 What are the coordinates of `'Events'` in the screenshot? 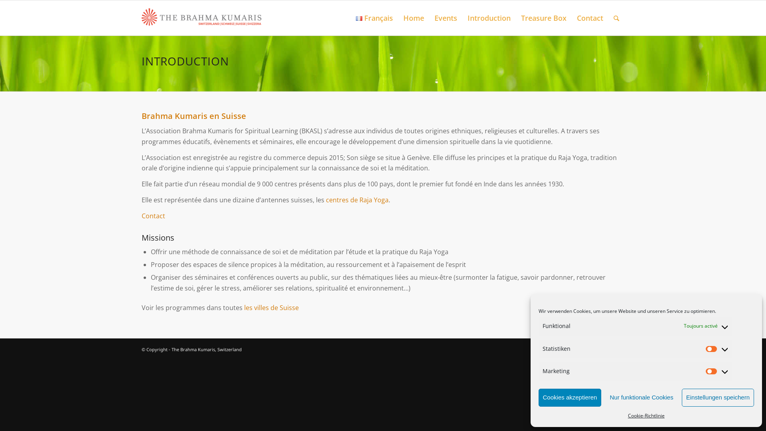 It's located at (445, 18).